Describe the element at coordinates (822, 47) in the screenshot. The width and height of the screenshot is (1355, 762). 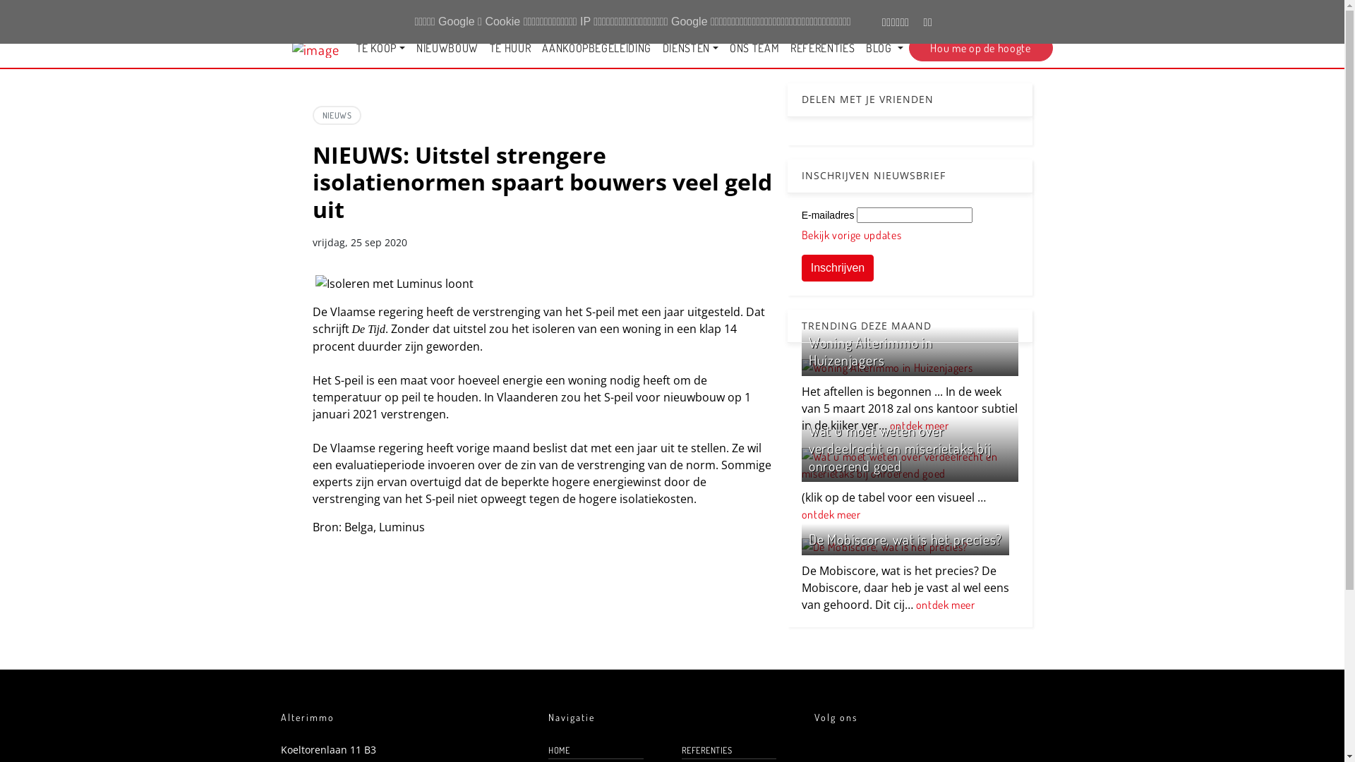
I see `'REFERENTIES'` at that location.